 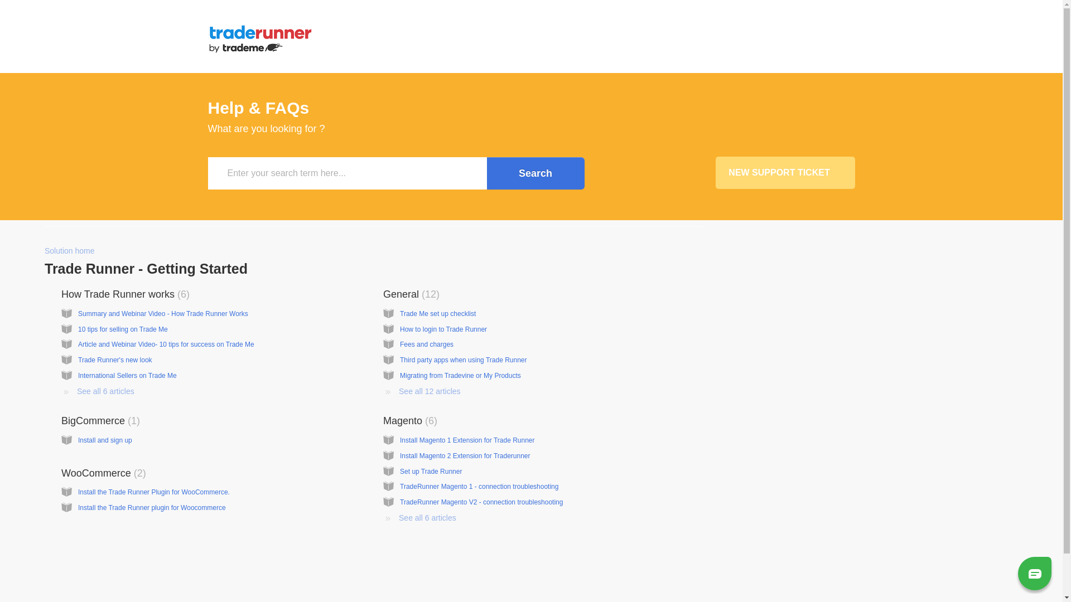 I want to click on 'Install Magento 2 Extension for Traderunner', so click(x=465, y=455).